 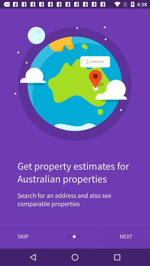 What do you see at coordinates (23, 236) in the screenshot?
I see `the skip icon` at bounding box center [23, 236].